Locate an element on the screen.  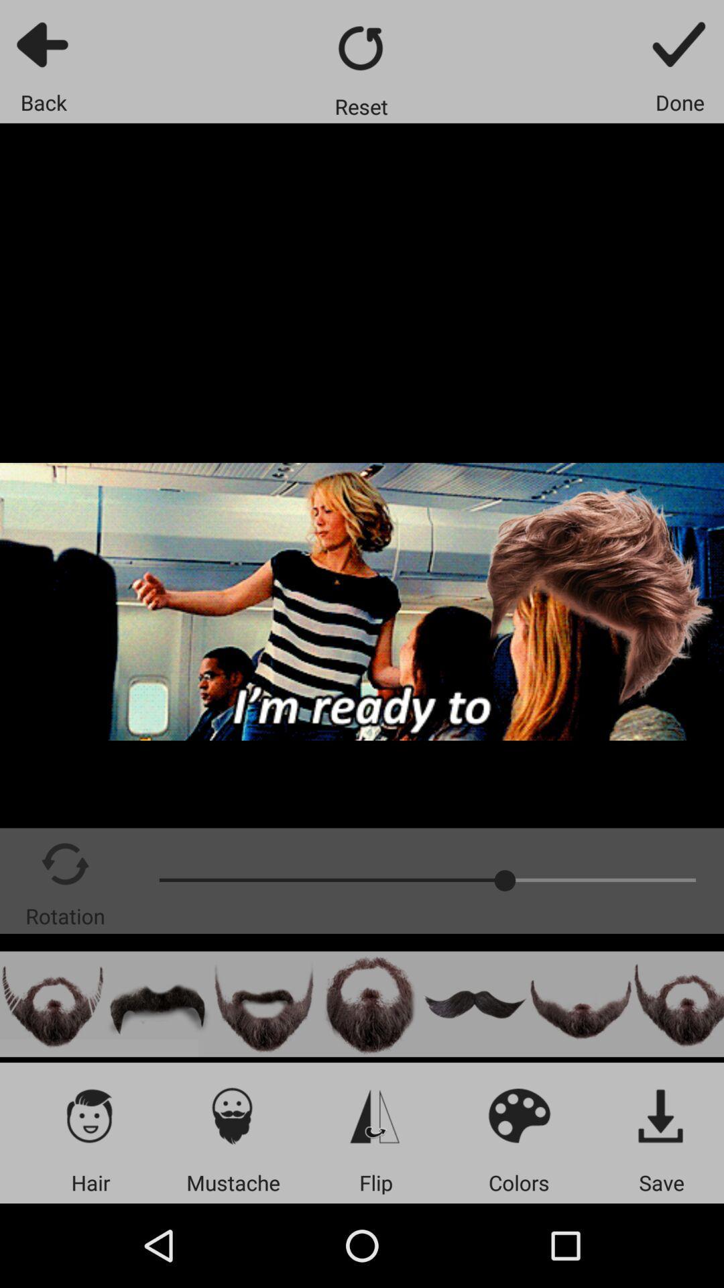
the undo icon is located at coordinates (158, 1004).